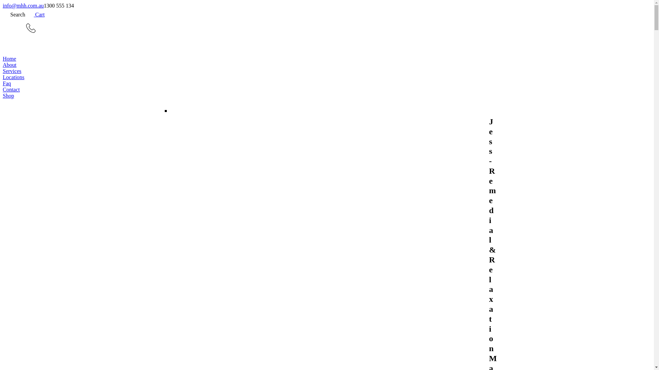 The width and height of the screenshot is (659, 370). I want to click on 'About', so click(326, 65).